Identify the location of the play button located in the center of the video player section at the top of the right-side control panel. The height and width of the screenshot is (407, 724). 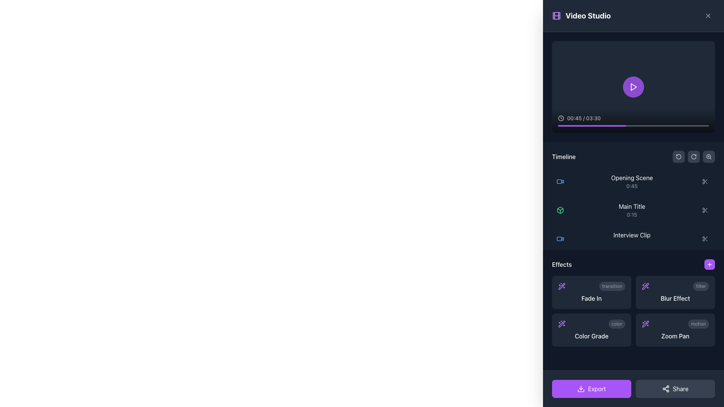
(633, 86).